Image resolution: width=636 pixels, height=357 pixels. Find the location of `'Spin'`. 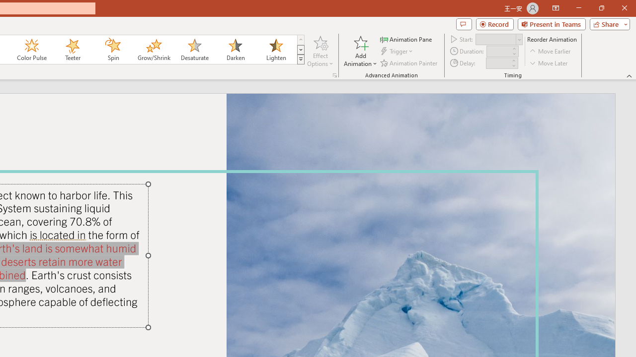

'Spin' is located at coordinates (113, 50).